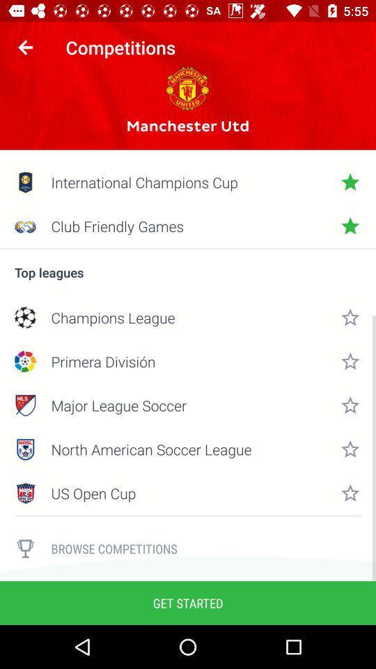  Describe the element at coordinates (188, 272) in the screenshot. I see `the top leagues icon` at that location.